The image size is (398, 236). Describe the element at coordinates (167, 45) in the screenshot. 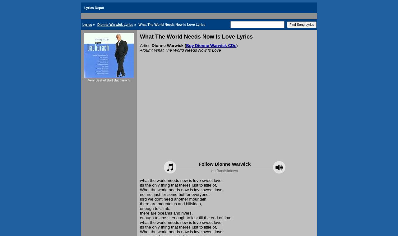

I see `'Dionne Warwick'` at that location.